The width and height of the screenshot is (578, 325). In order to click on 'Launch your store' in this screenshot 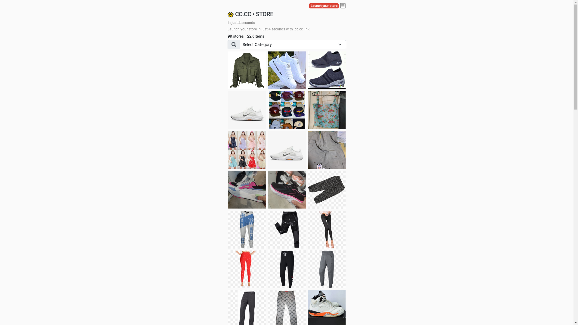, I will do `click(323, 6)`.